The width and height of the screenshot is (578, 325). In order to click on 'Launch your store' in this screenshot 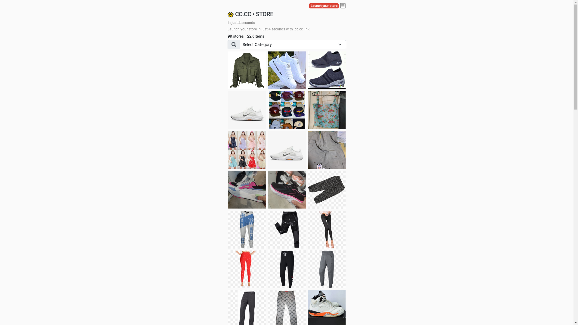, I will do `click(323, 6)`.